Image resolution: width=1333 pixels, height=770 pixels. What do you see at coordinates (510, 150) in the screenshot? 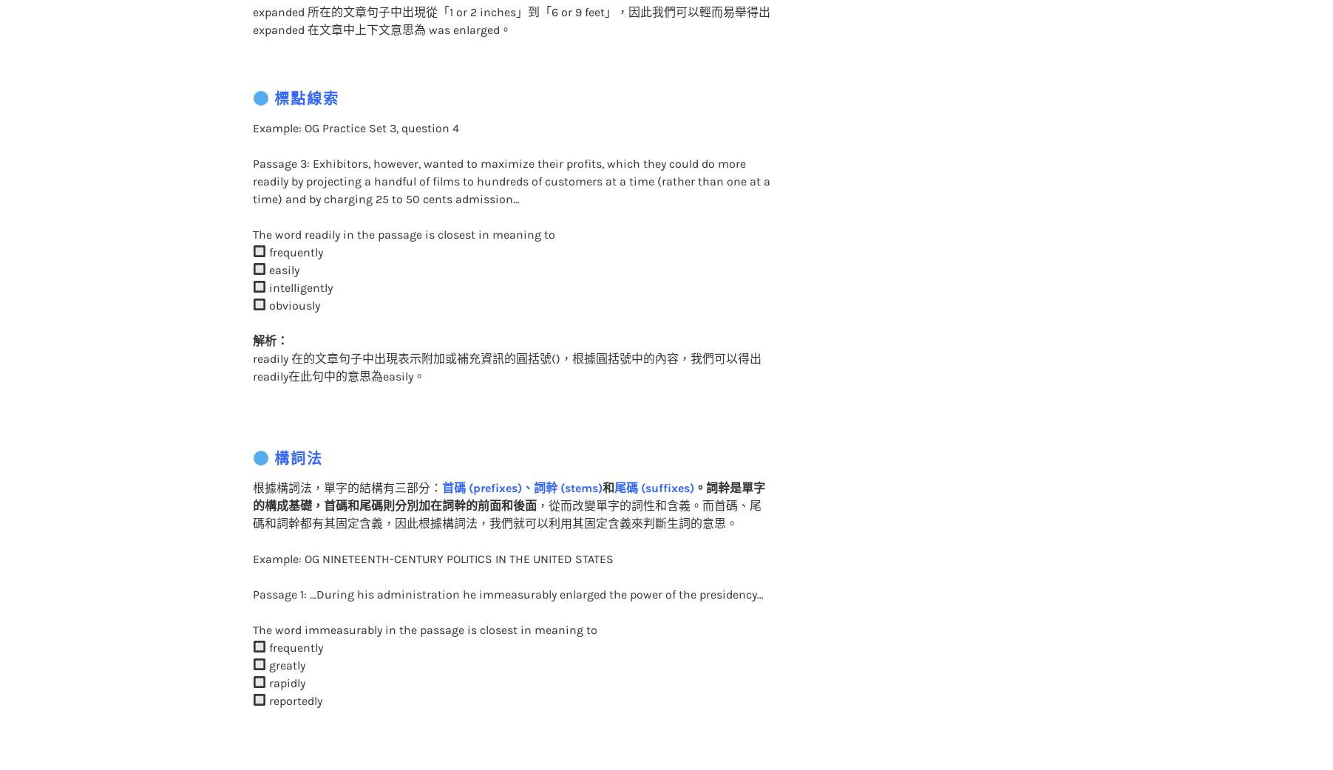
I see `'Passage 3: Exhibitors, however, wanted to maximize their profits, which they could do more readily by projecting a handful of films to hundreds of customers at a time (rather than one at a time) and by charging 25 to 50 cents admission…'` at bounding box center [510, 150].